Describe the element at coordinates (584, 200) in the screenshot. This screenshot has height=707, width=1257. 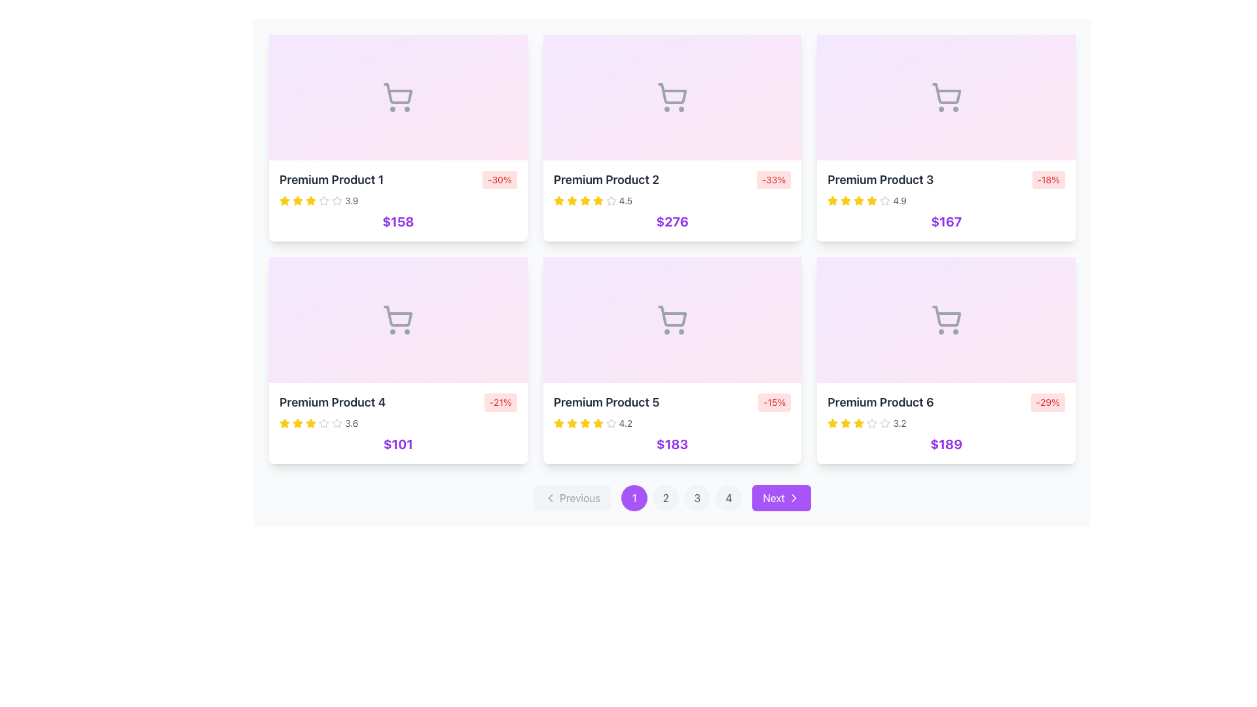
I see `the third yellow star icon in the rating scale of the second product card in the first row of the grid layout` at that location.